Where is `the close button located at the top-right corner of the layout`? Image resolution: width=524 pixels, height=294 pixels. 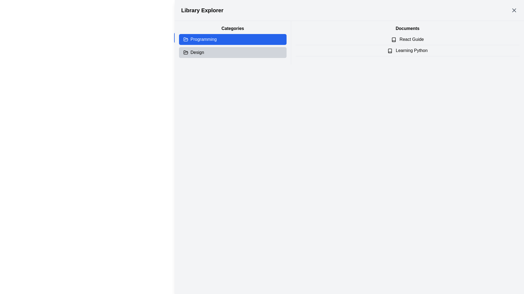 the close button located at the top-right corner of the layout is located at coordinates (514, 10).